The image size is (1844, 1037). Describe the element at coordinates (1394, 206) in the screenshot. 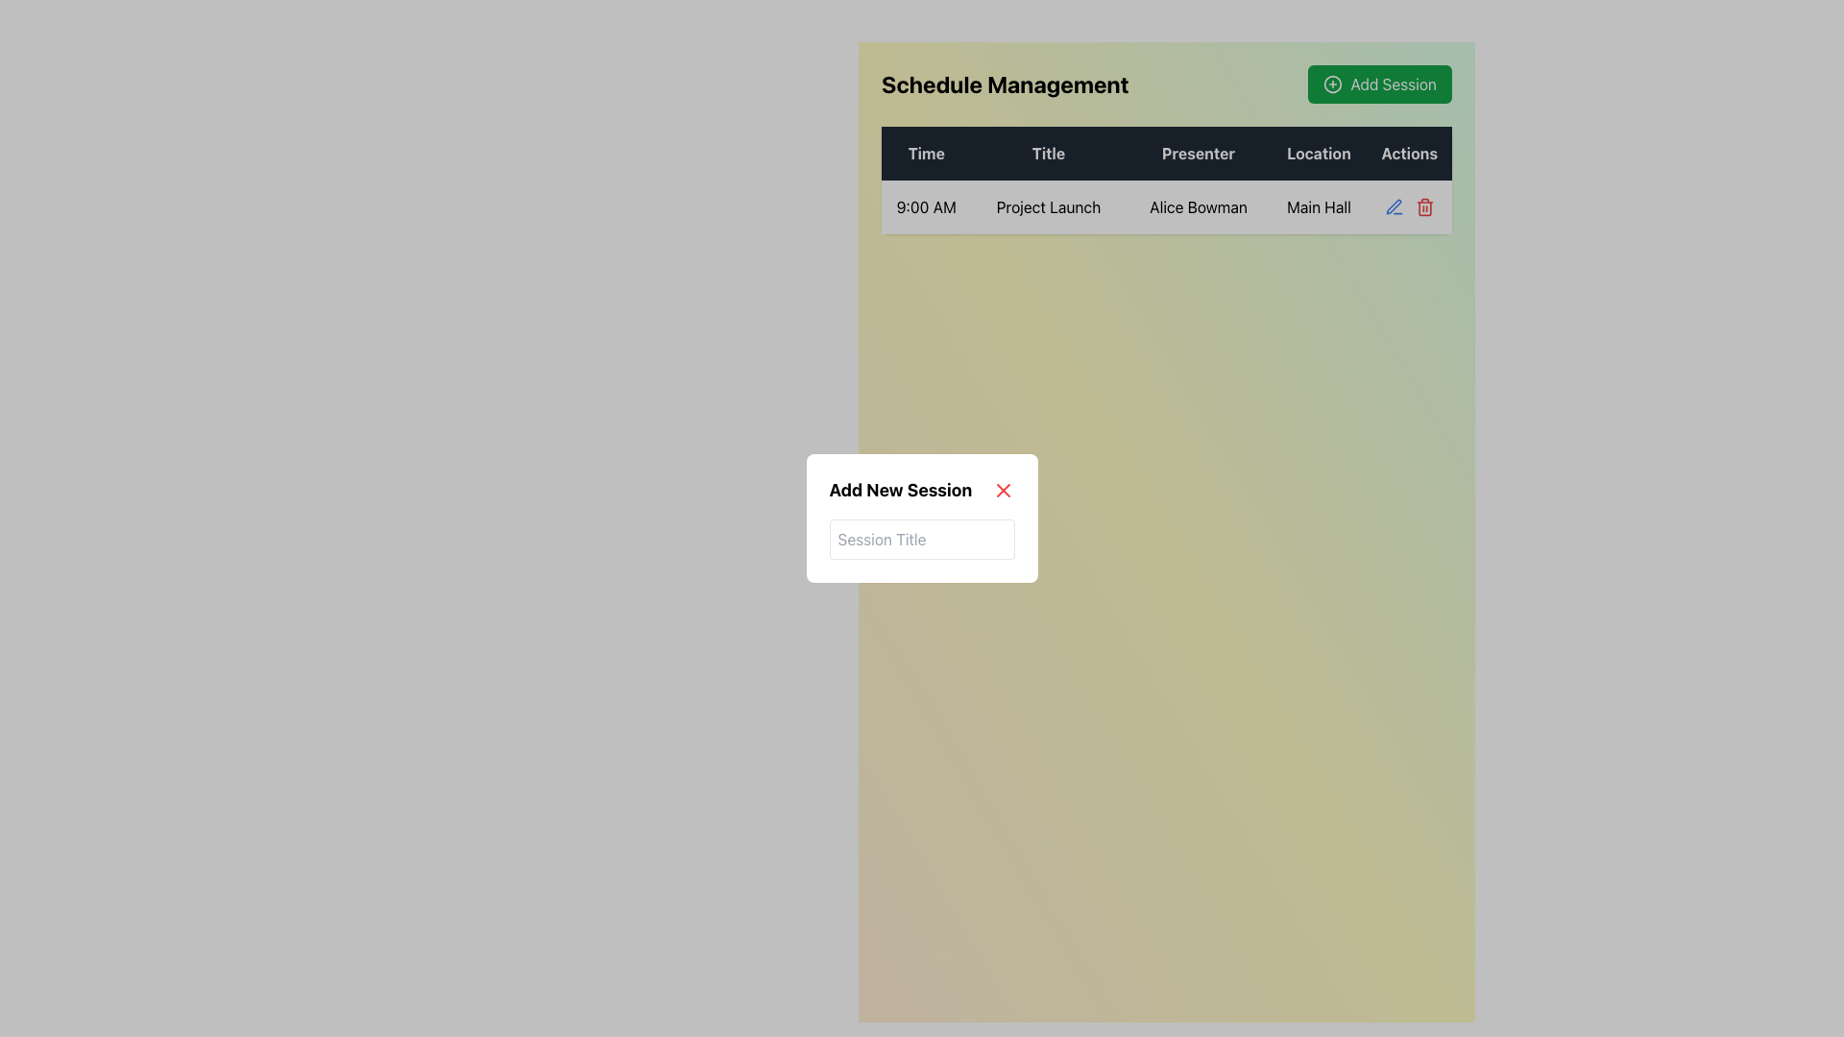

I see `the pen icon in the top right corner of the 'Actions' column` at that location.